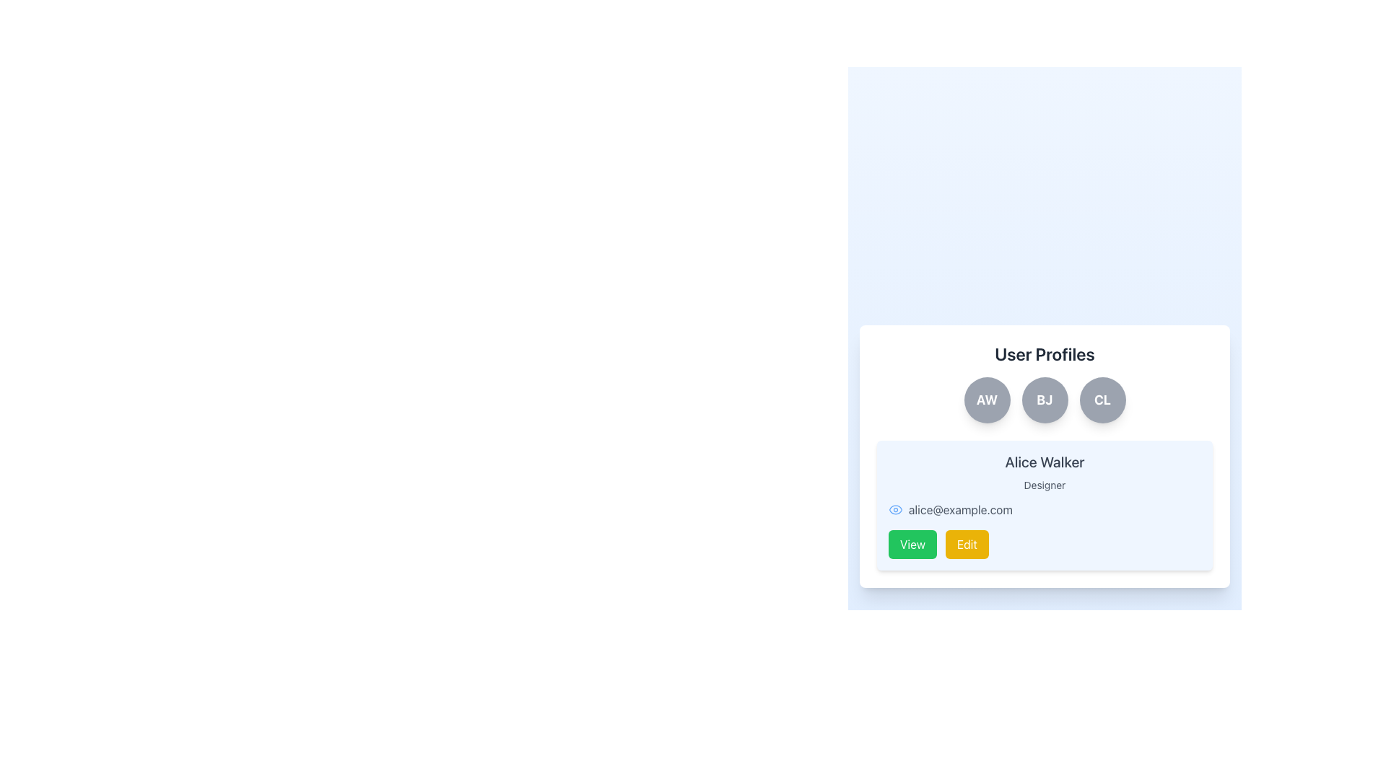 Image resolution: width=1386 pixels, height=779 pixels. Describe the element at coordinates (967, 545) in the screenshot. I see `the edit button located in the bottom-right corner of the user profile card` at that location.